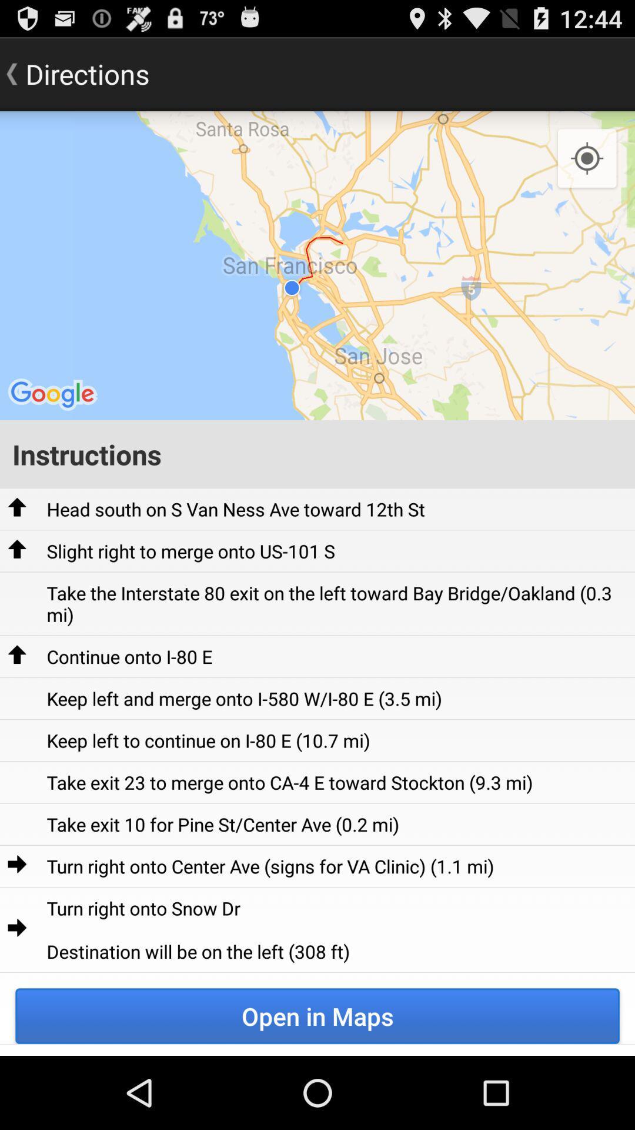 The width and height of the screenshot is (635, 1130). What do you see at coordinates (337, 604) in the screenshot?
I see `take the interstate app` at bounding box center [337, 604].